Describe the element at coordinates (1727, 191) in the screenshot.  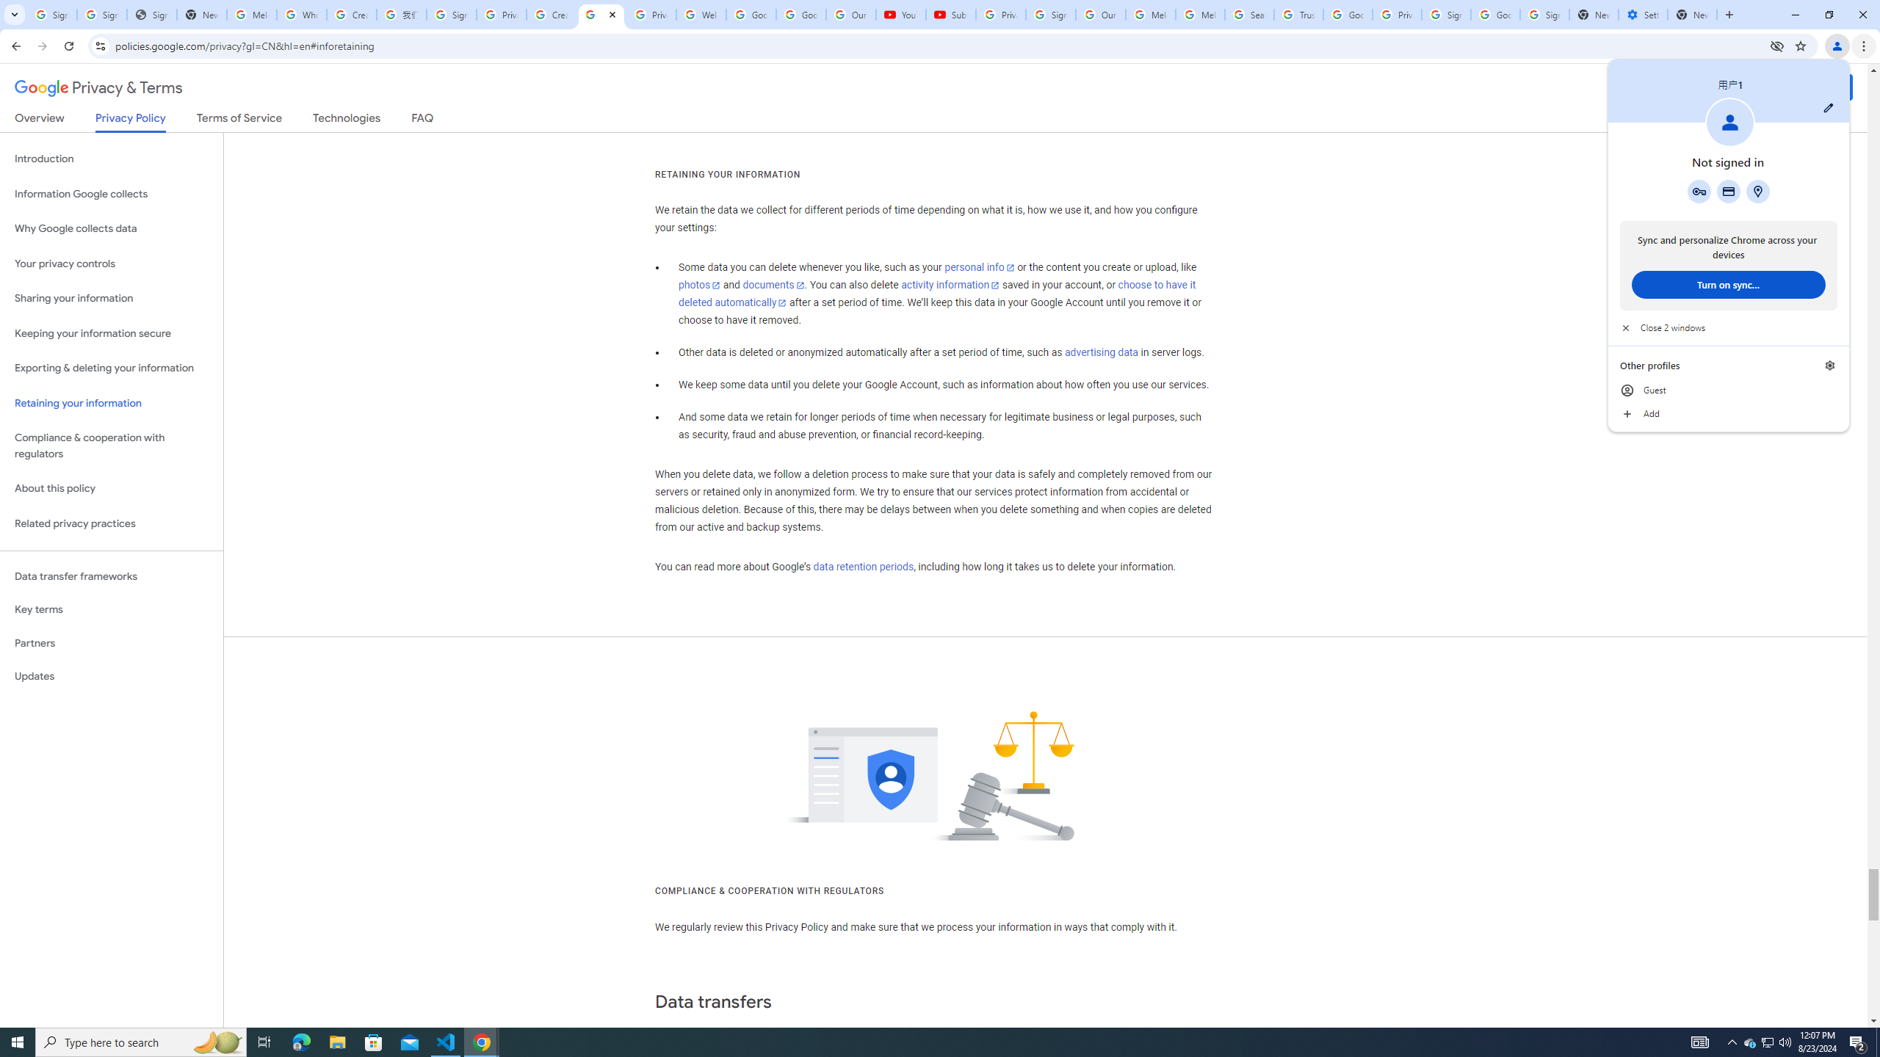
I see `'Payment methods'` at that location.